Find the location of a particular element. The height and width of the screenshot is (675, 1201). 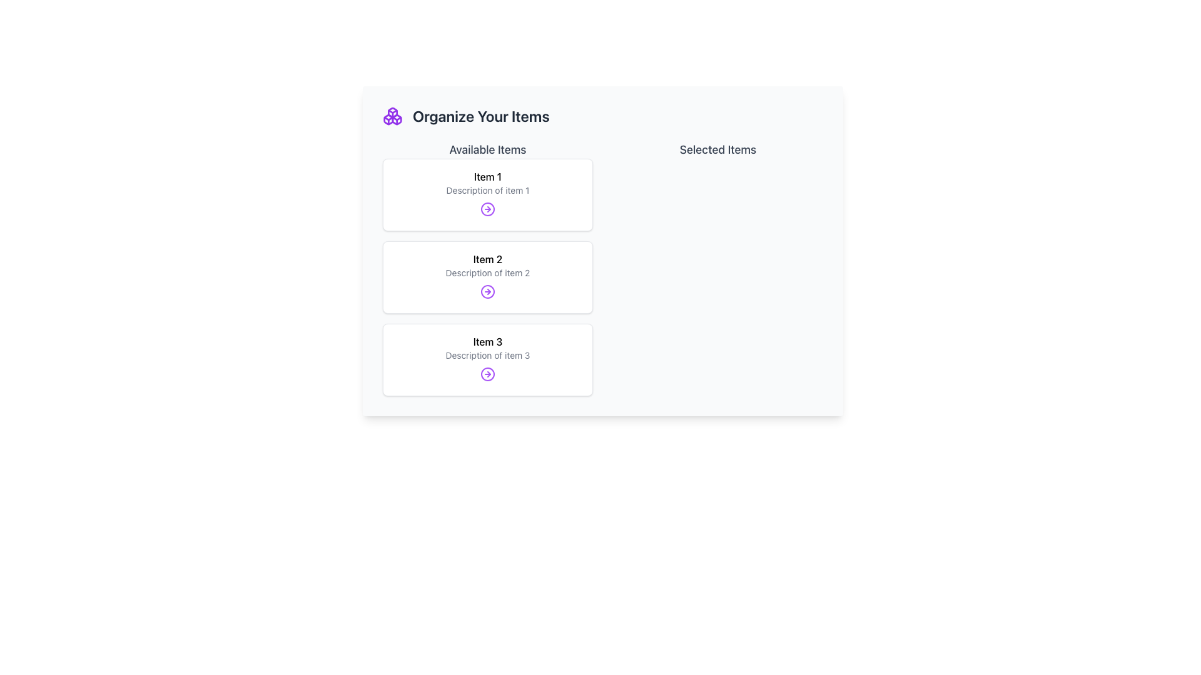

the third card labeled 'Item 3' in the list of available items, which is located at the bottom of the list under 'Item 2' is located at coordinates (487, 359).